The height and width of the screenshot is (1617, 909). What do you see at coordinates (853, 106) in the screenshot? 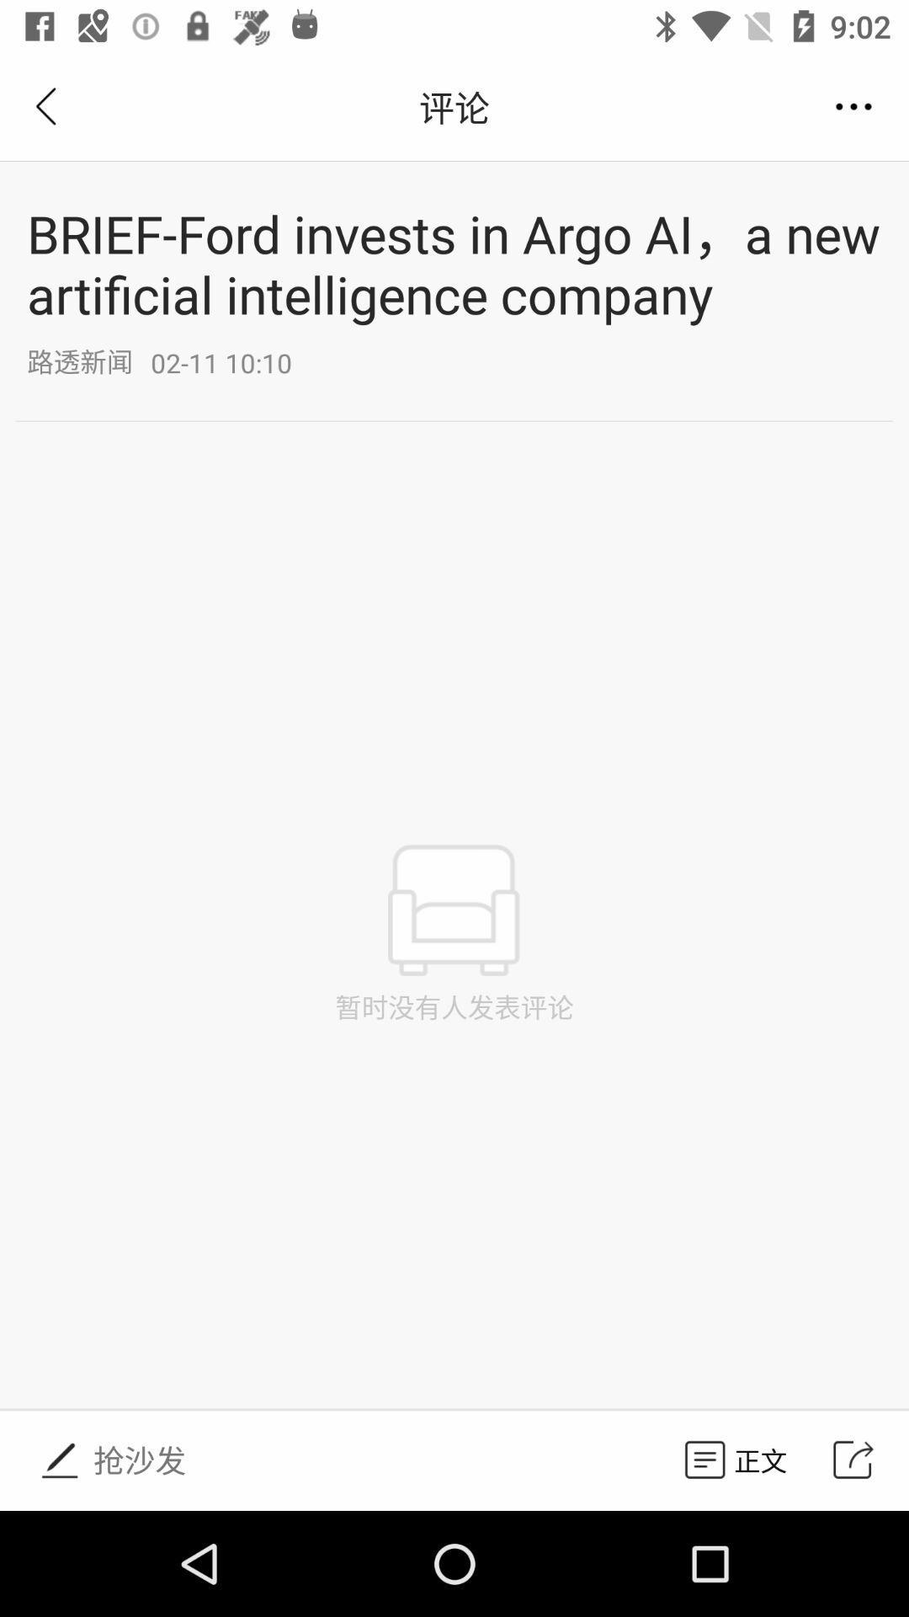
I see `the button under 902` at bounding box center [853, 106].